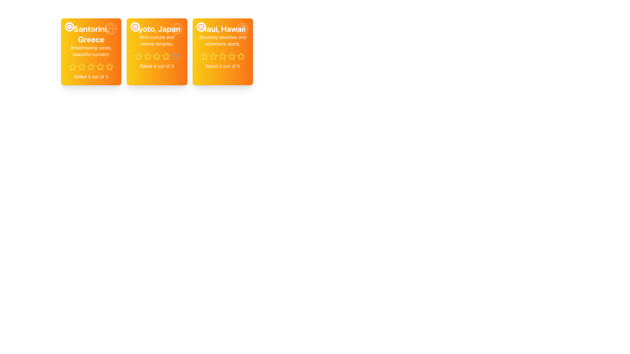  Describe the element at coordinates (175, 56) in the screenshot. I see `the fifth star icon for the rating system in the card layout of 'Kyoto, Japan'` at that location.